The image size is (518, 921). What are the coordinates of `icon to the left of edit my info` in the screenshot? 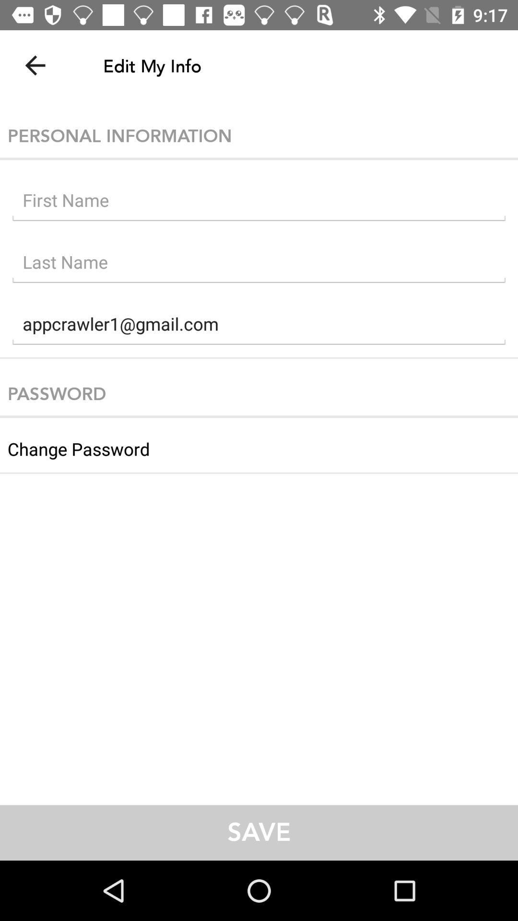 It's located at (35, 65).